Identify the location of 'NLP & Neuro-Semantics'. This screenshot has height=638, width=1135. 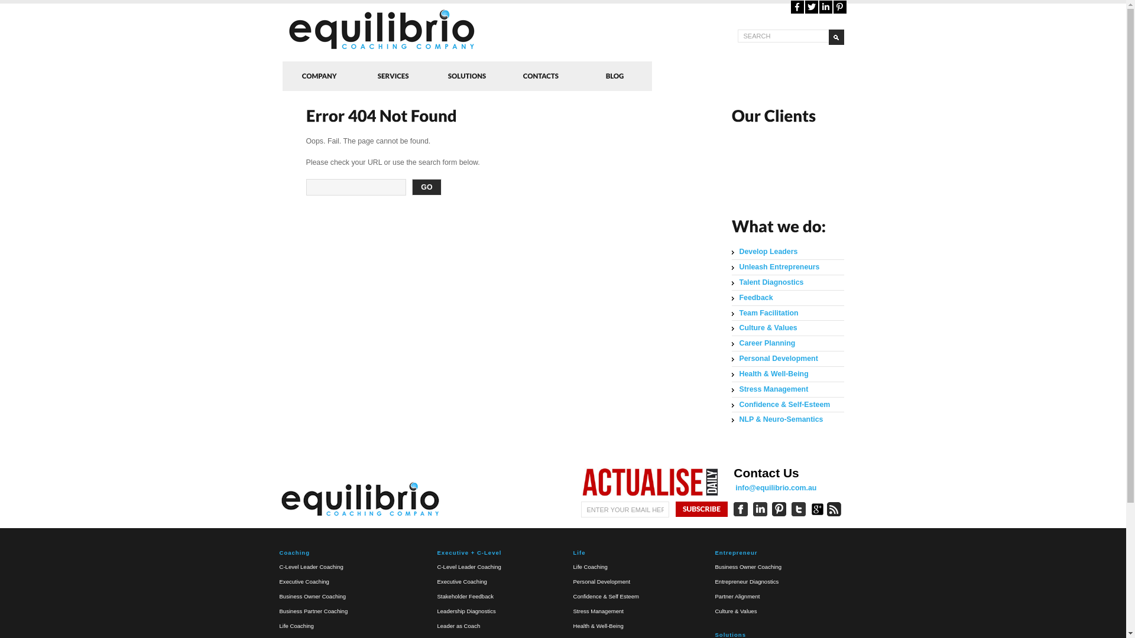
(779, 419).